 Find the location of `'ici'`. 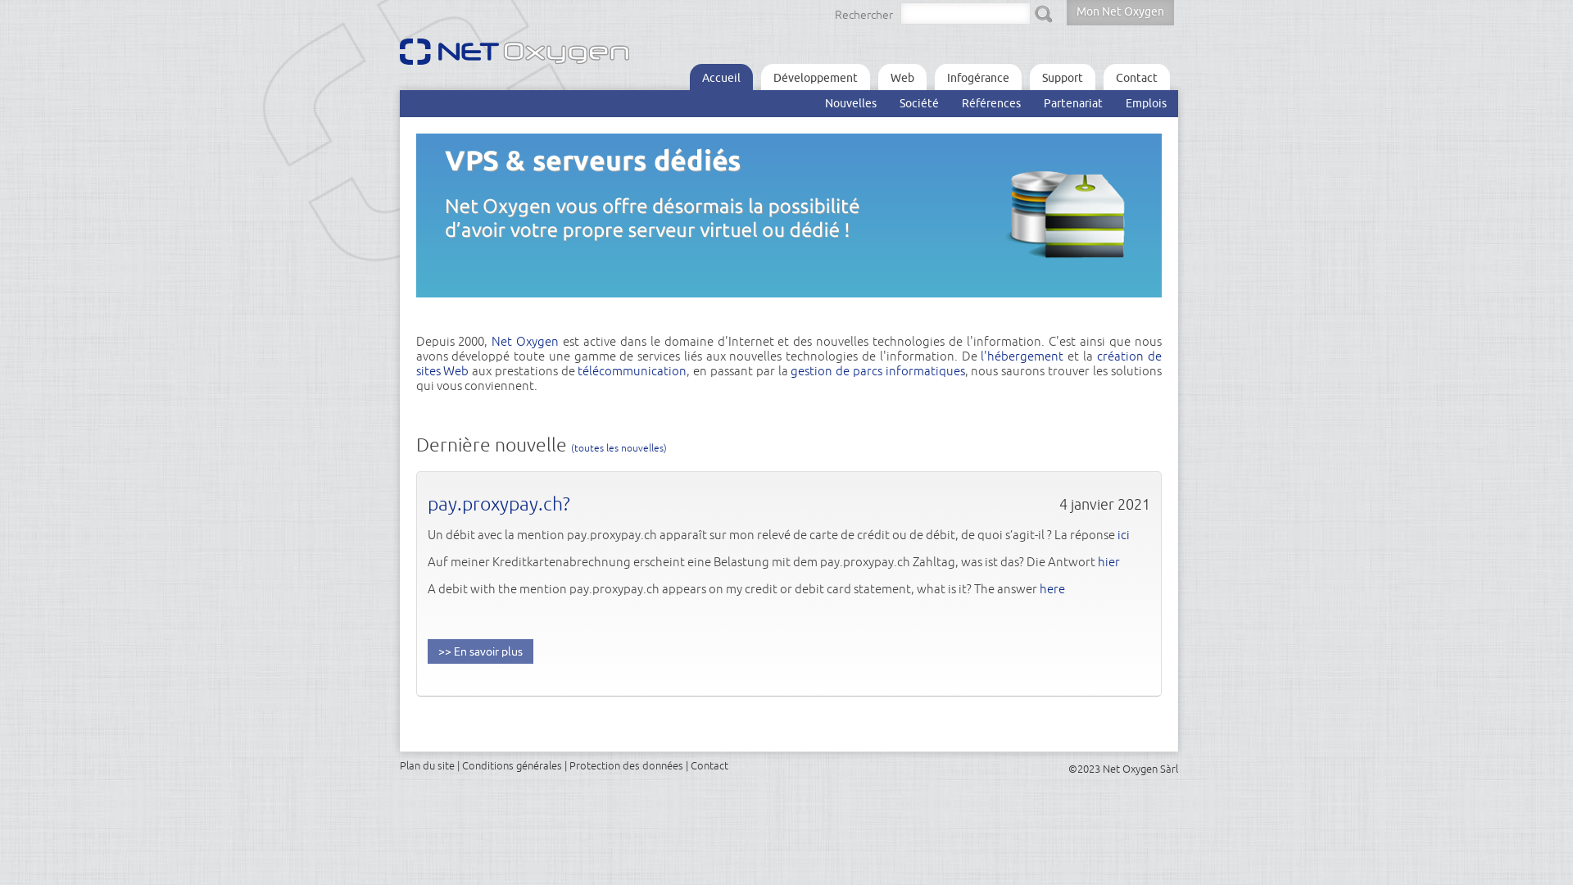

'ici' is located at coordinates (1116, 534).